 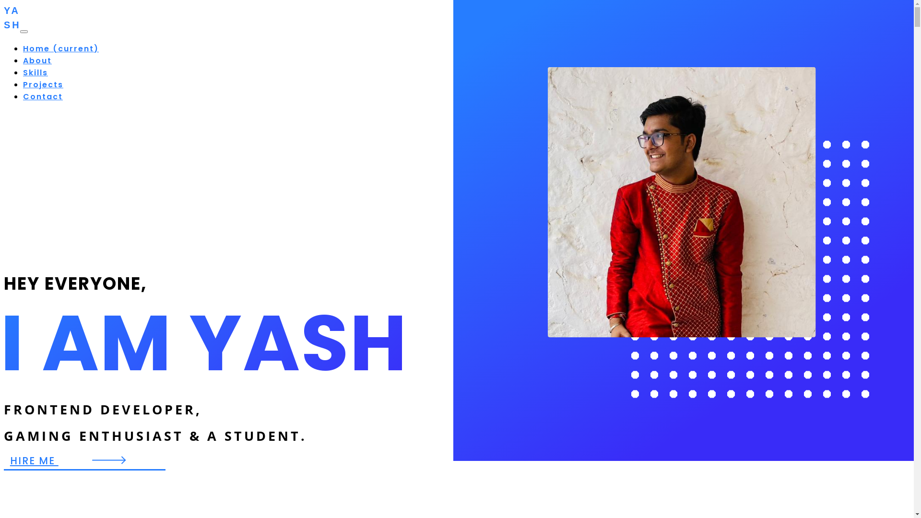 What do you see at coordinates (60, 48) in the screenshot?
I see `'Home (current)'` at bounding box center [60, 48].